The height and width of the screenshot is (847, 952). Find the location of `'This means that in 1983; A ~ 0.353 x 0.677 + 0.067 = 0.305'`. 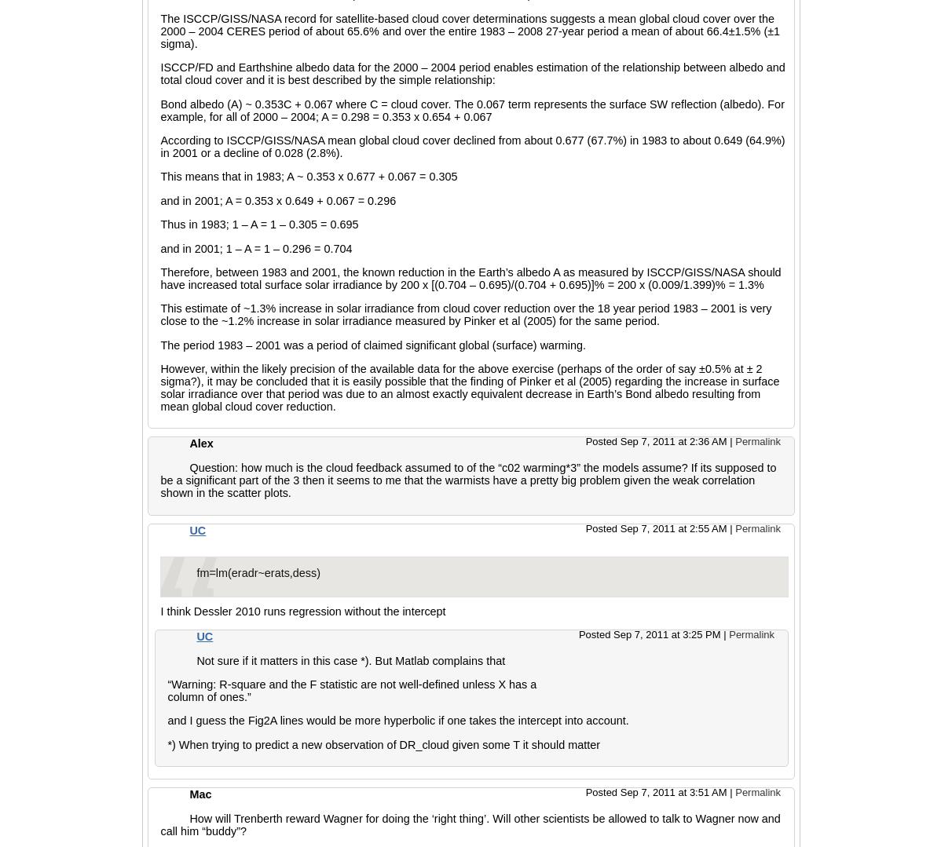

'This means that in 1983; A ~ 0.353 x 0.677 + 0.067 = 0.305' is located at coordinates (159, 175).